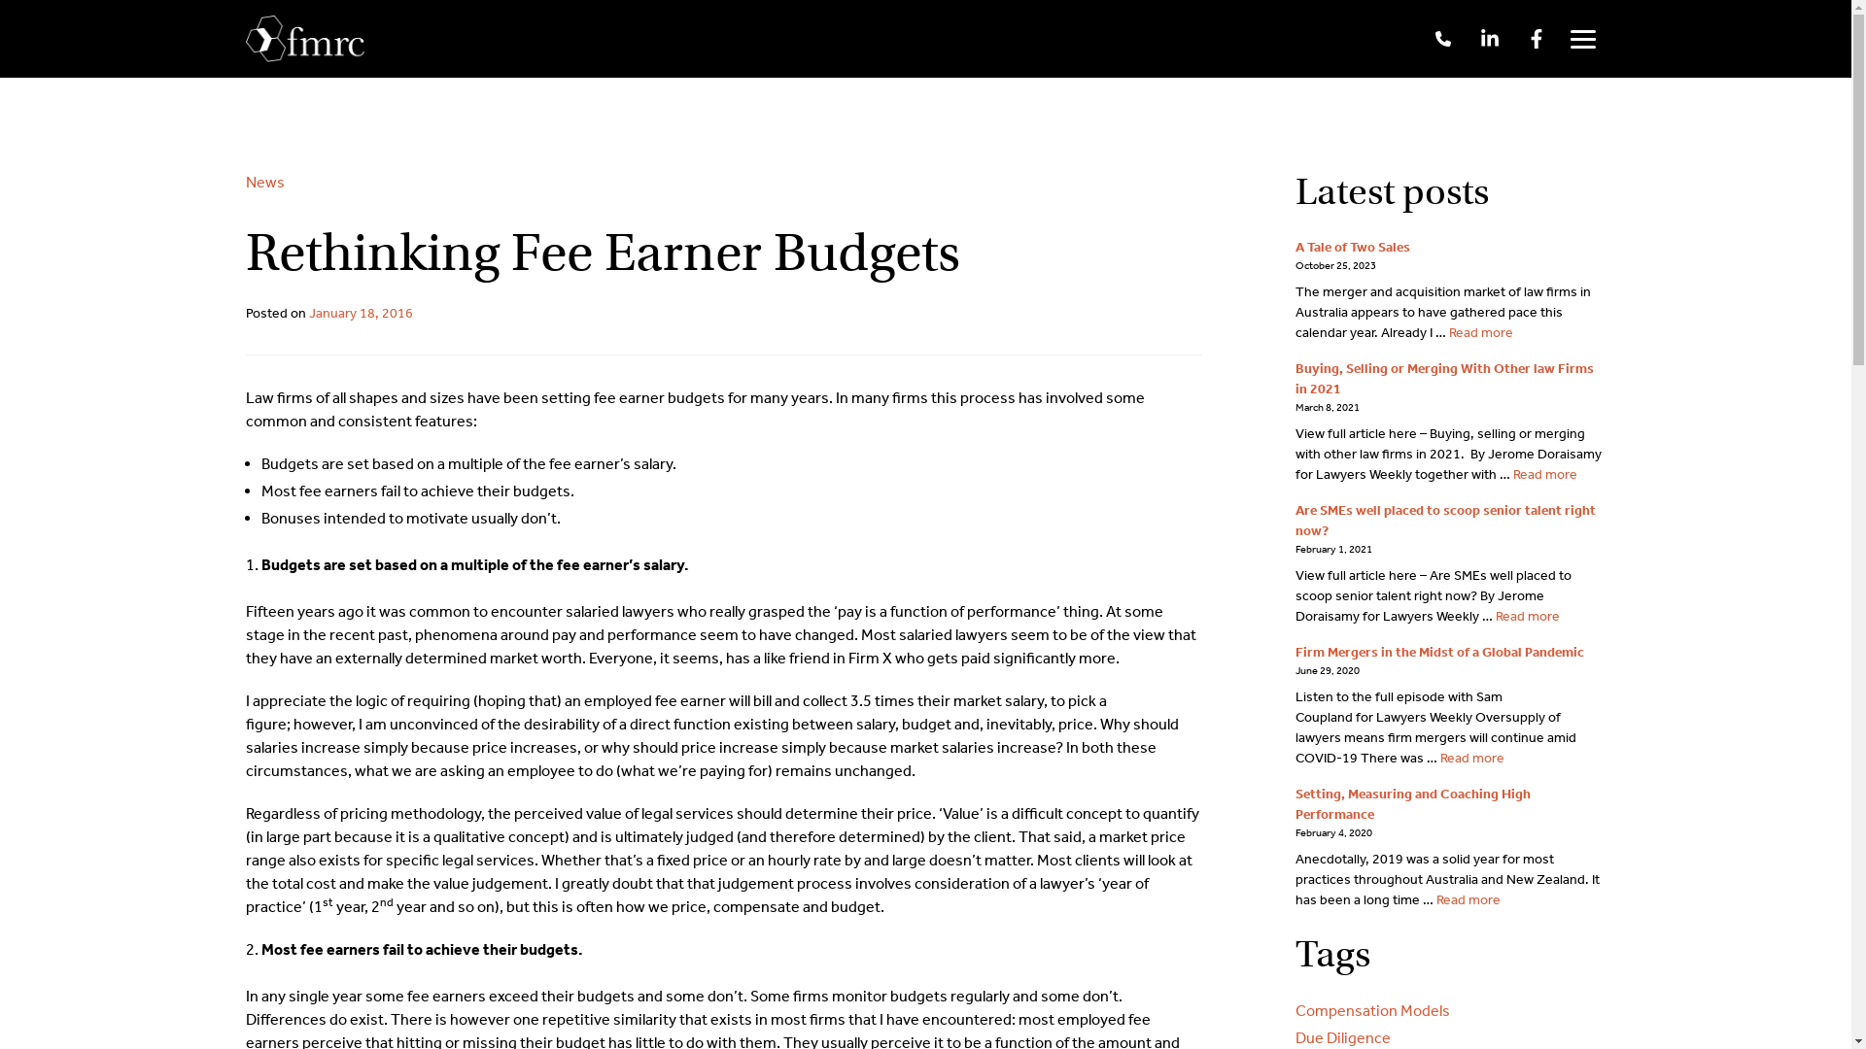 The width and height of the screenshot is (1866, 1049). What do you see at coordinates (361, 312) in the screenshot?
I see `'January 18, 2016'` at bounding box center [361, 312].